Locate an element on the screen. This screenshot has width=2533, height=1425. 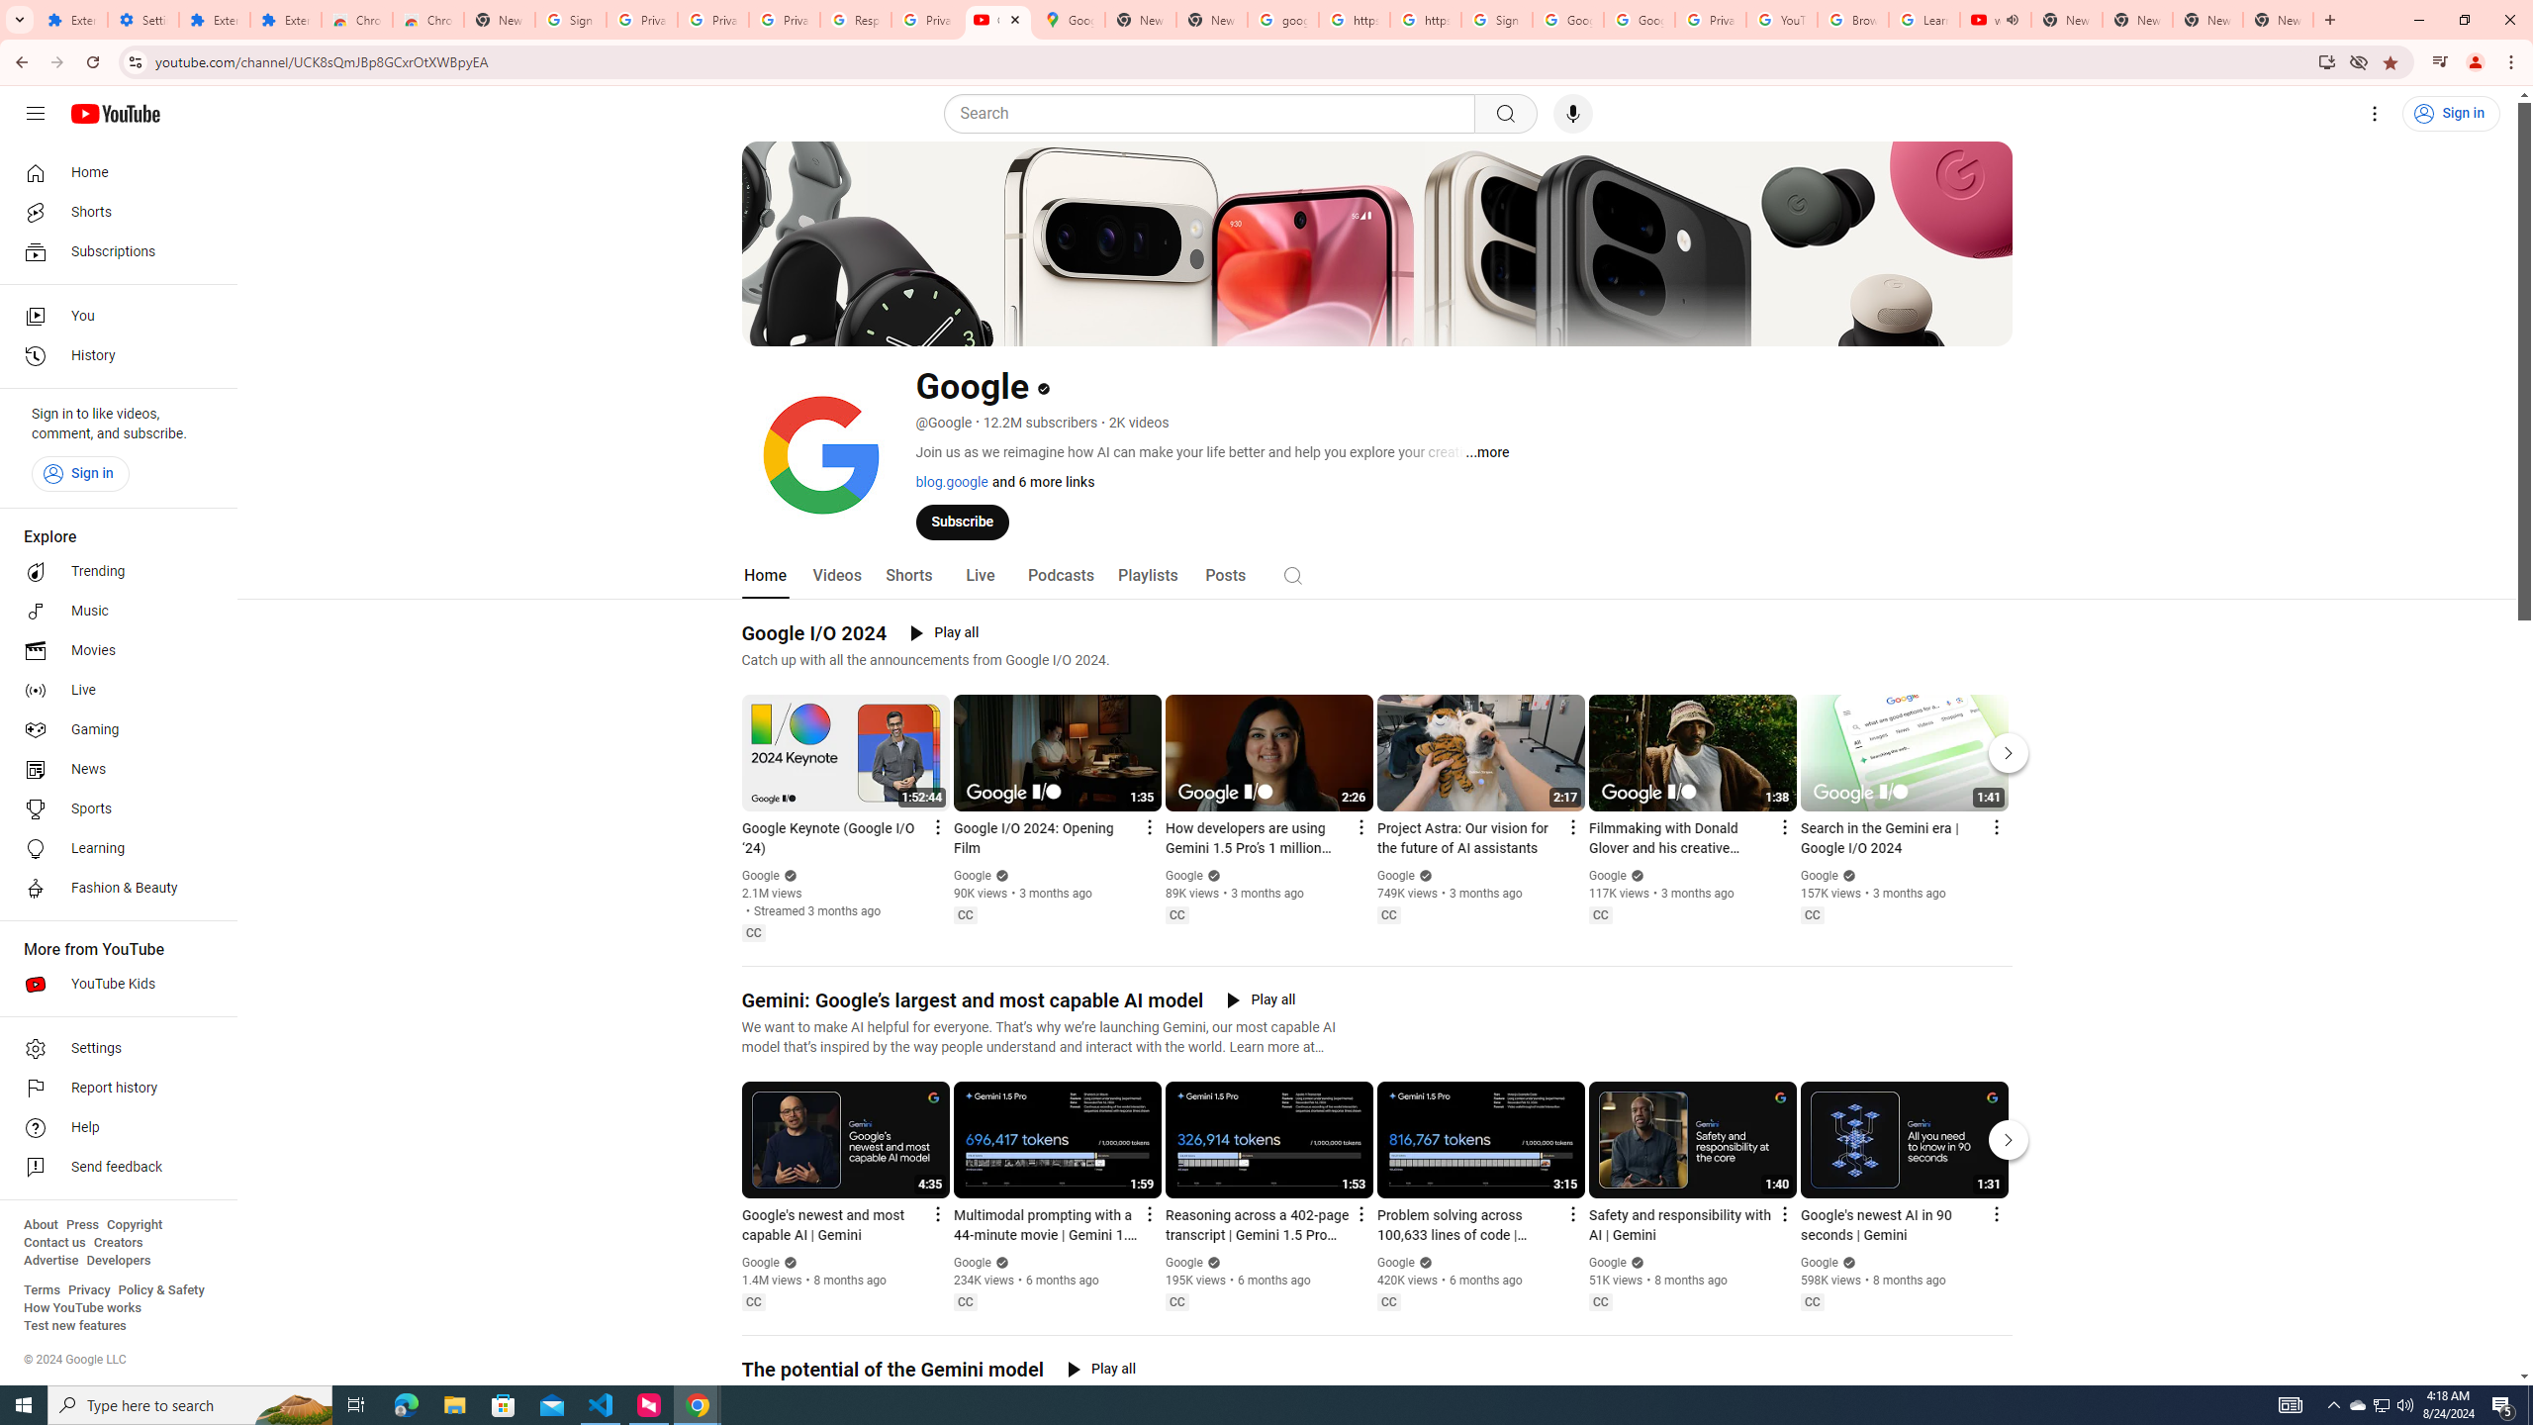
'Guide' is located at coordinates (34, 113).